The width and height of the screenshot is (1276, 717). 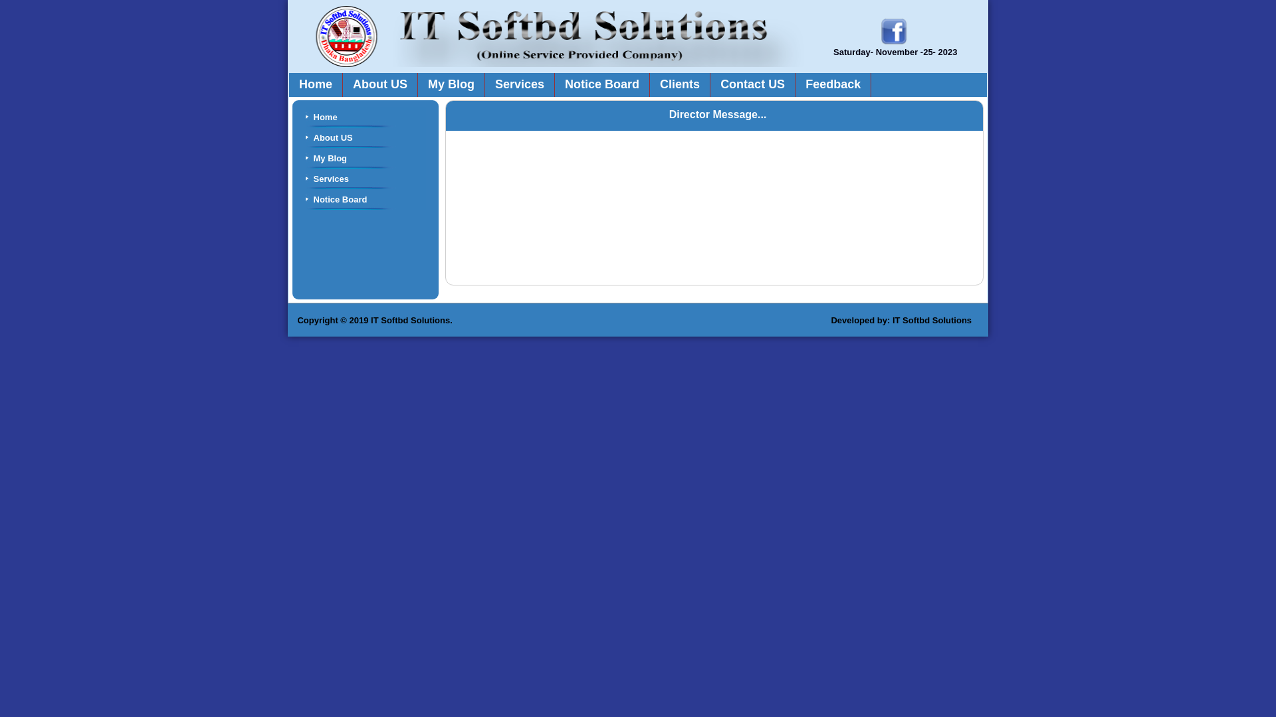 I want to click on 'My Blog', so click(x=366, y=157).